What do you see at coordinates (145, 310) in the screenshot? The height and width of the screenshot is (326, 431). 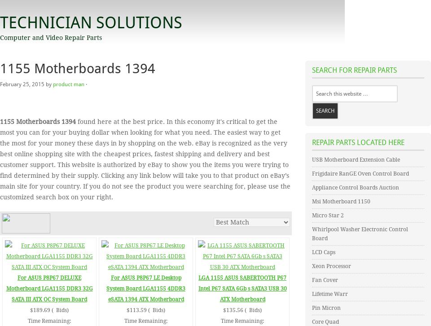 I see `'$113.59 (  Bids)'` at bounding box center [145, 310].